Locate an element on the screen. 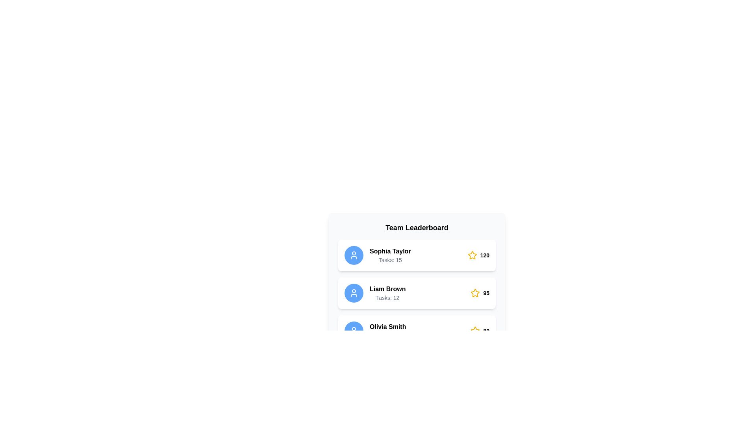 This screenshot has width=756, height=425. displayed name from the static text label in the third row of the leaderboard under 'Team Leaderboard', which serves as a user identifier is located at coordinates (388, 327).